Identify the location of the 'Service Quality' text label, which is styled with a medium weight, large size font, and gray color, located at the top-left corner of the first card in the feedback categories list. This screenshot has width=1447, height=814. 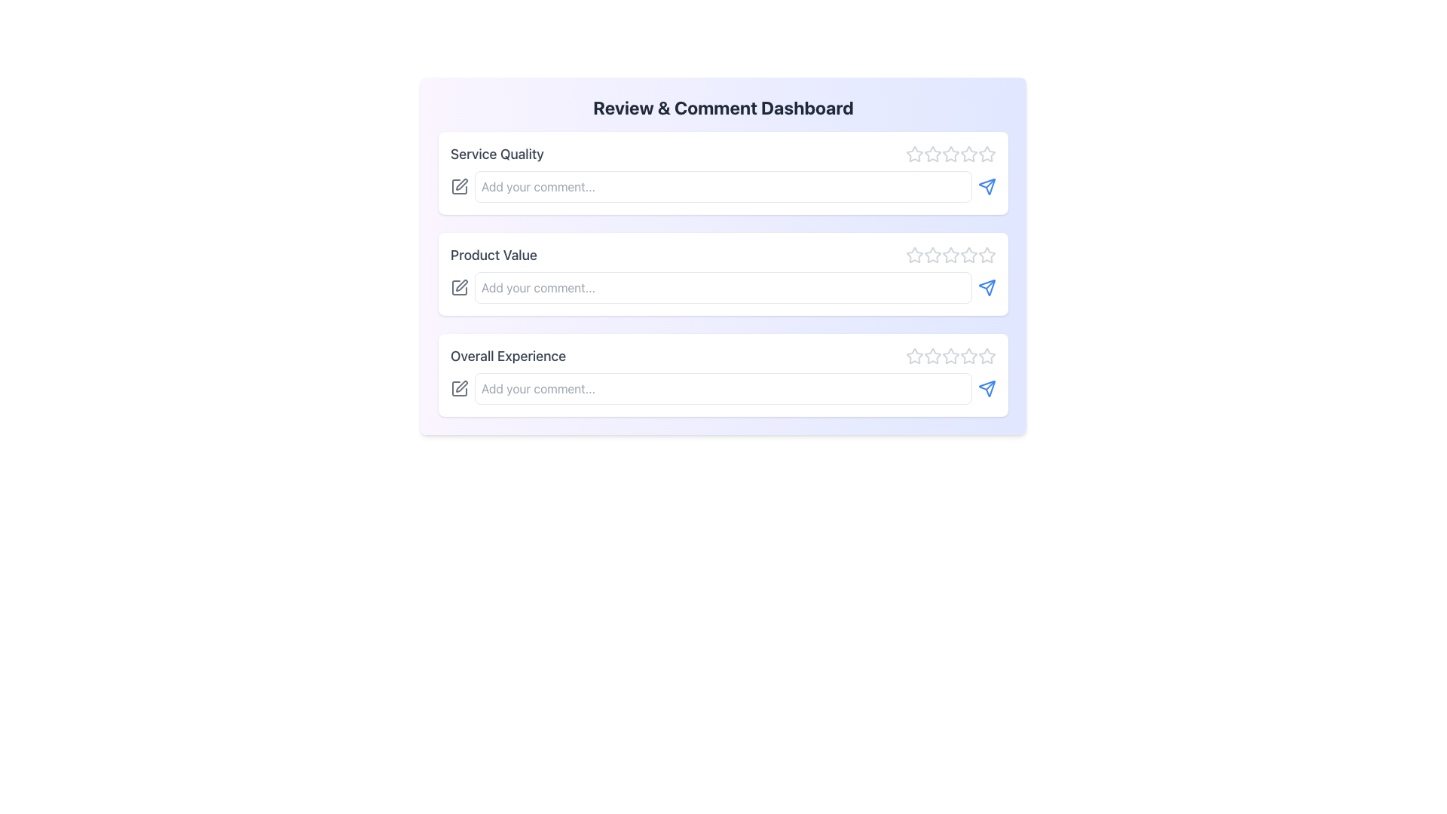
(497, 154).